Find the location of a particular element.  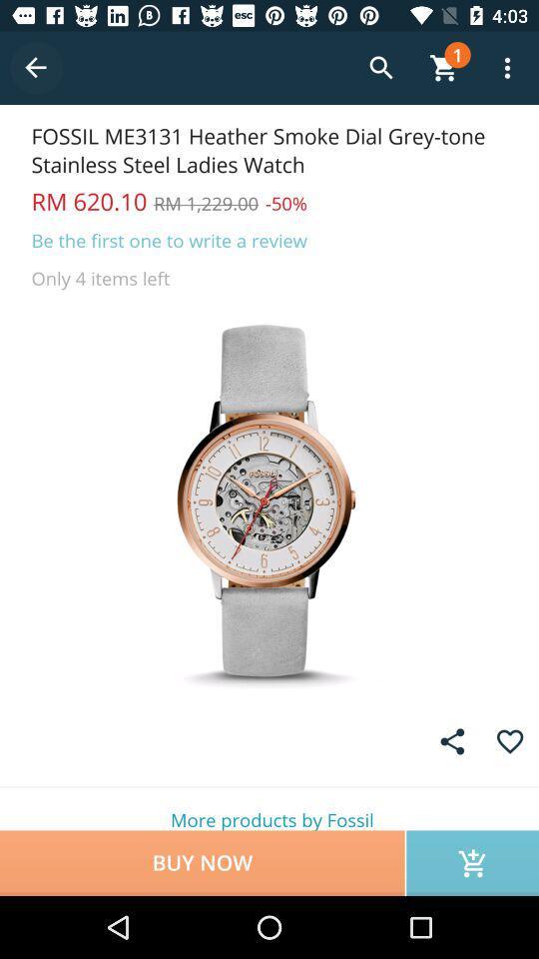

icon below more products by icon is located at coordinates (471, 862).